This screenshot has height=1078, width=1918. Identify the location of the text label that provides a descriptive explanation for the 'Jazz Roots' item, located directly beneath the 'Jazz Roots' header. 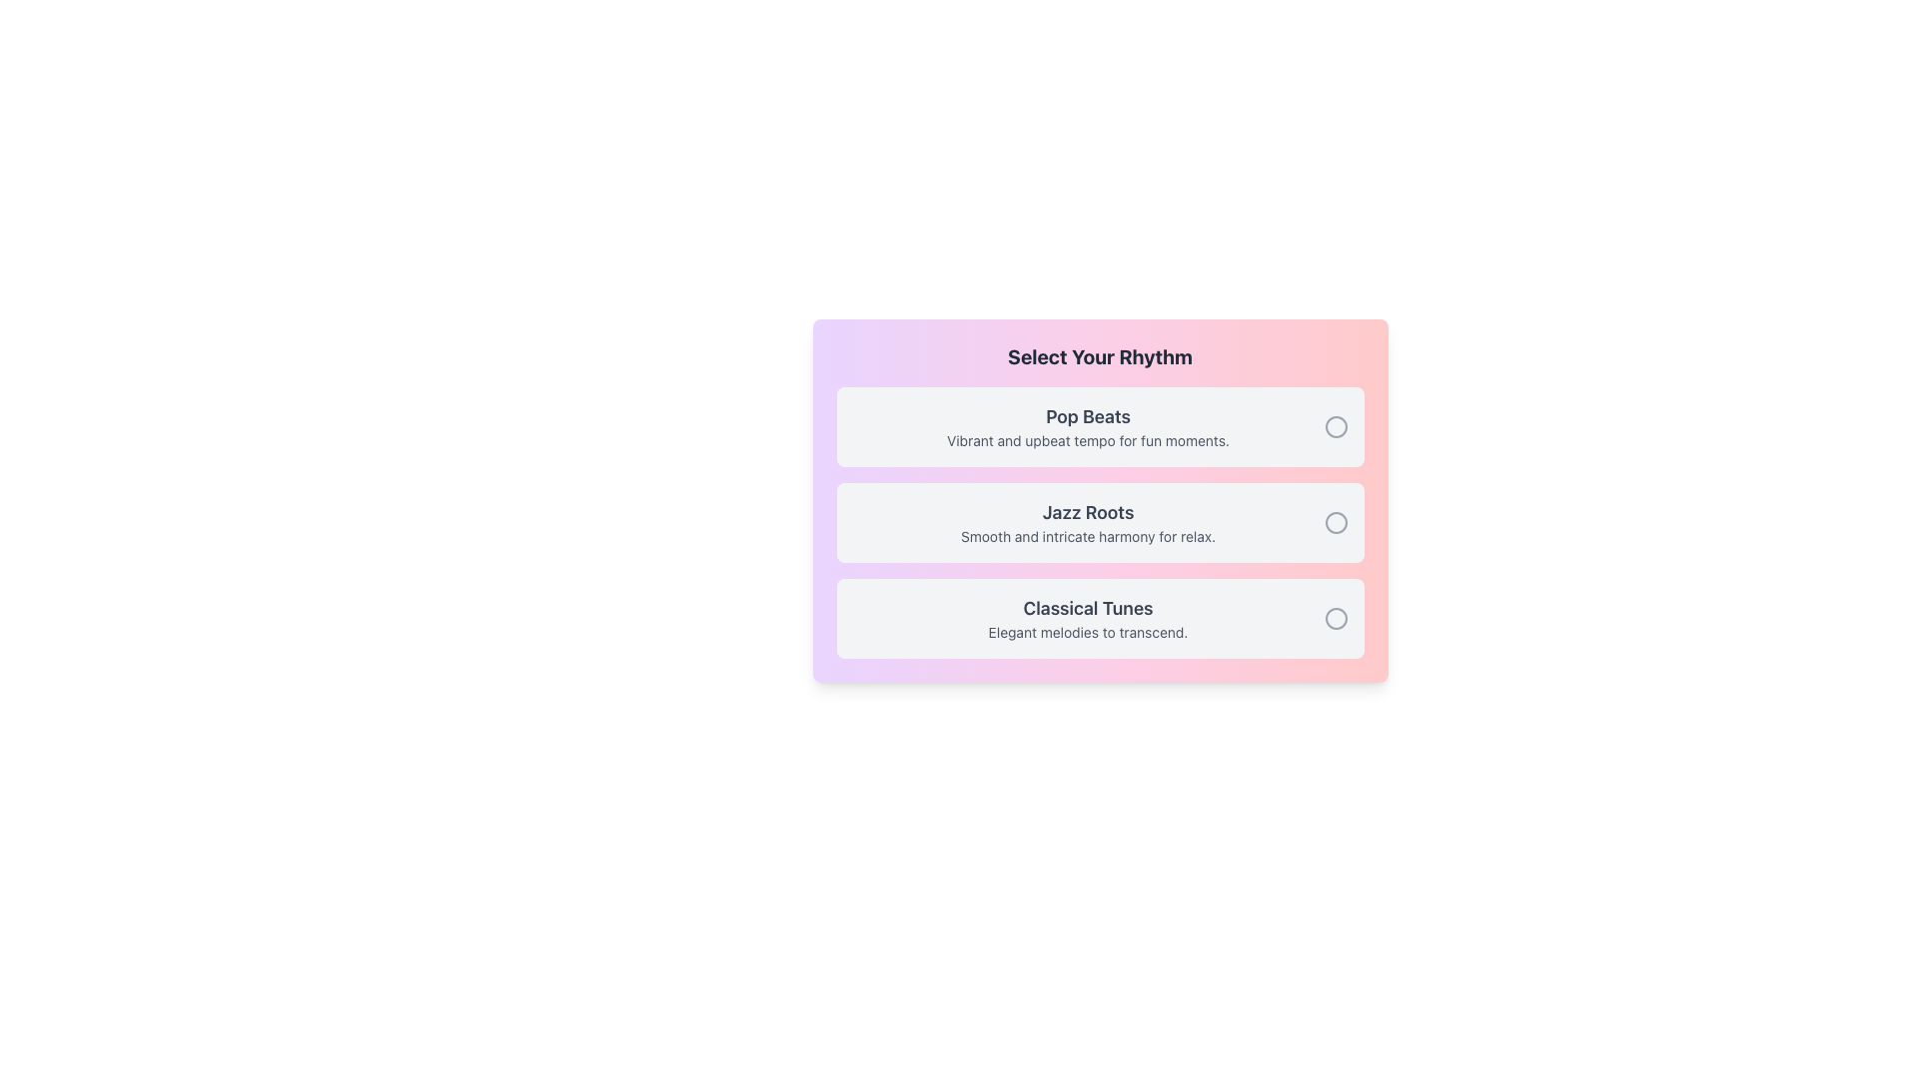
(1087, 535).